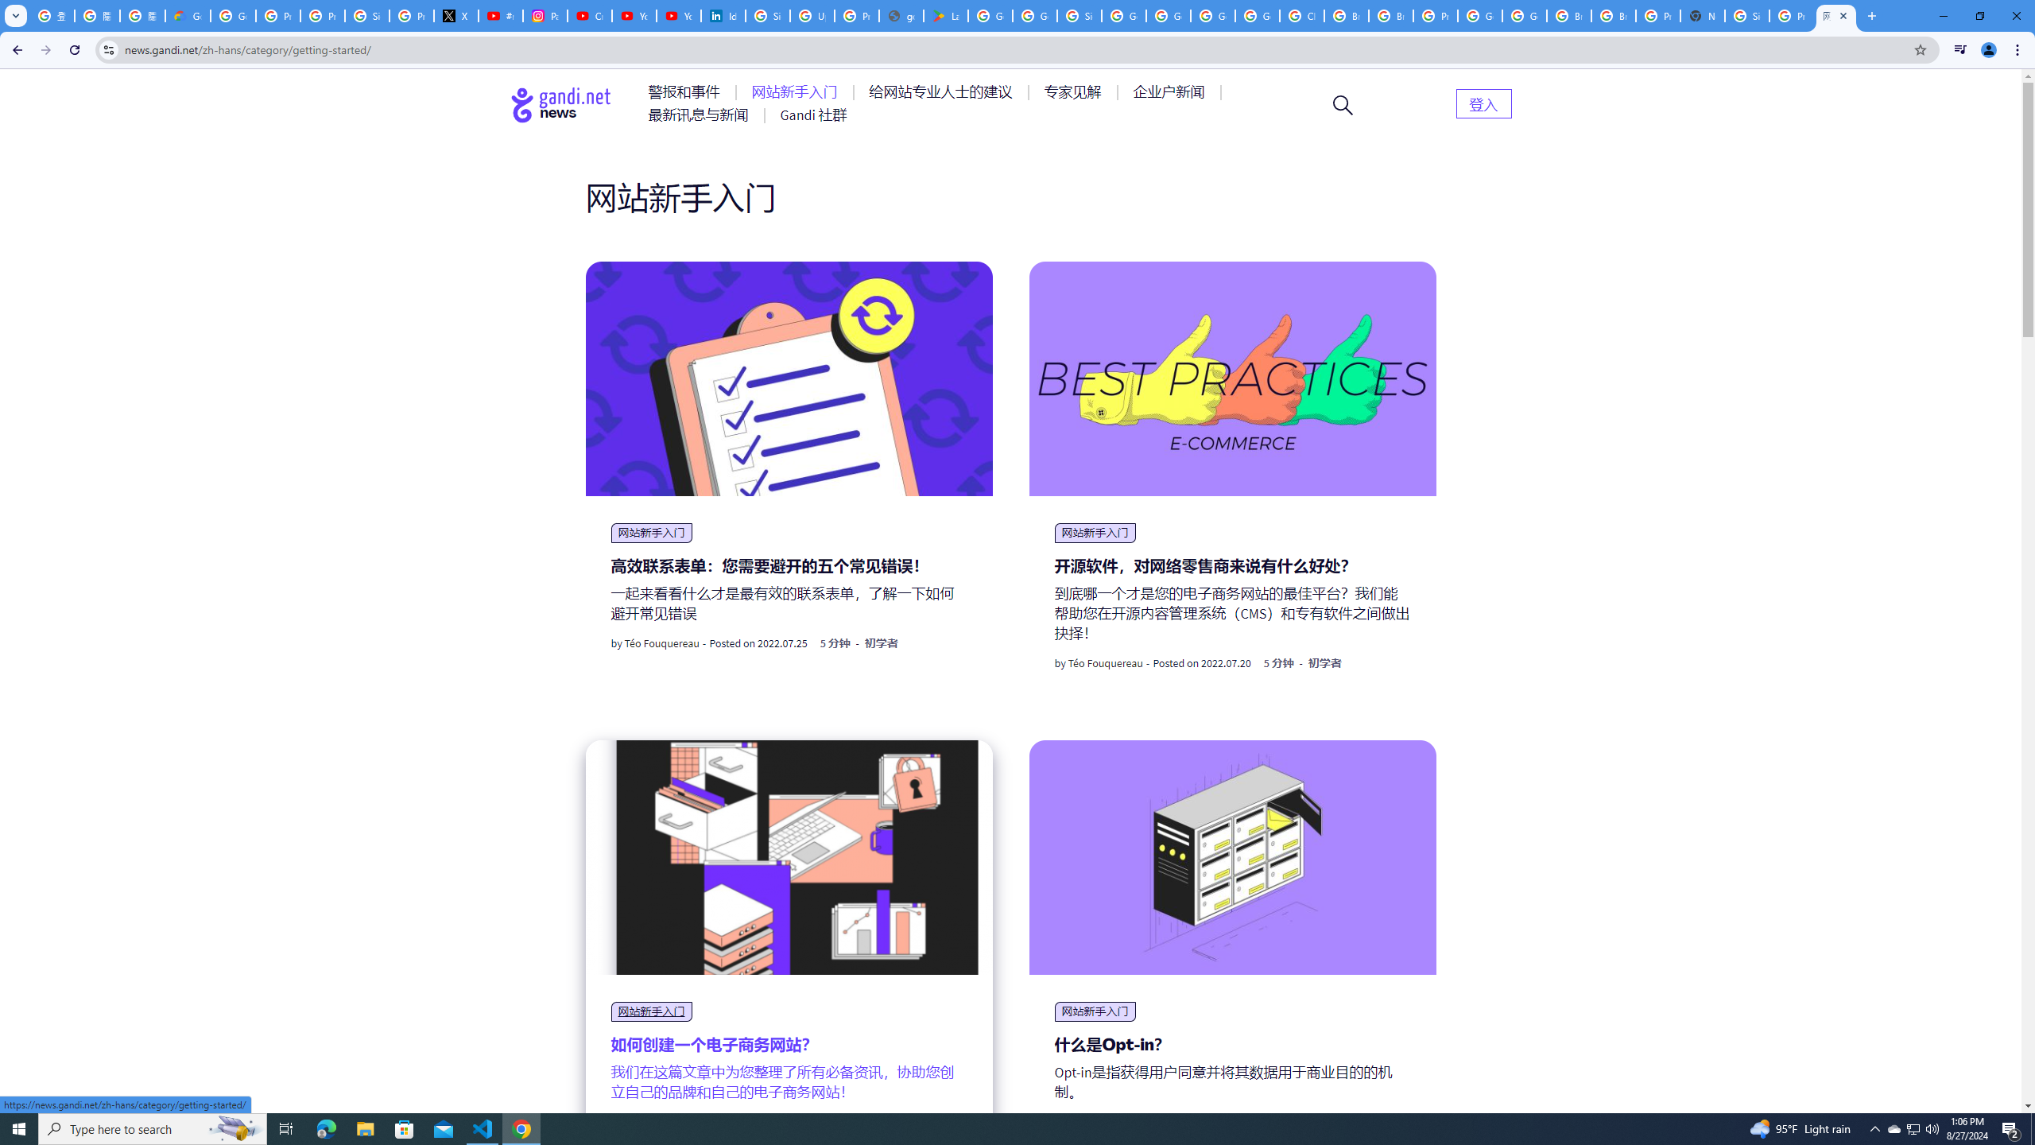 Image resolution: width=2035 pixels, height=1145 pixels. What do you see at coordinates (1569, 15) in the screenshot?
I see `'Browse Chrome as a guest - Computer - Google Chrome Help'` at bounding box center [1569, 15].